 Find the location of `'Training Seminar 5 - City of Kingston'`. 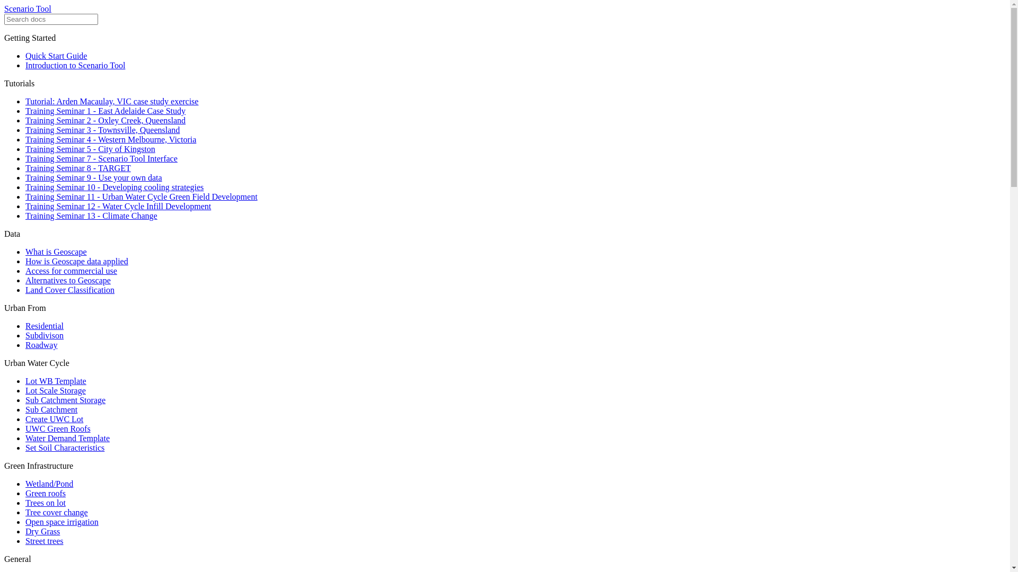

'Training Seminar 5 - City of Kingston' is located at coordinates (25, 149).